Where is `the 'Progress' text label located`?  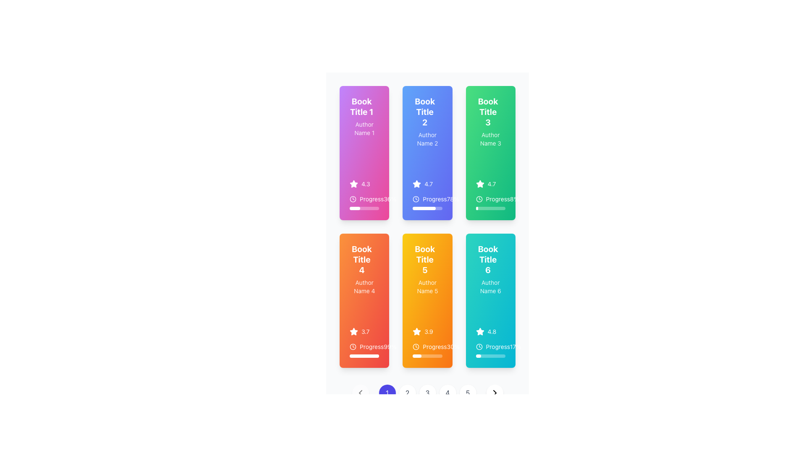
the 'Progress' text label located is located at coordinates (493, 199).